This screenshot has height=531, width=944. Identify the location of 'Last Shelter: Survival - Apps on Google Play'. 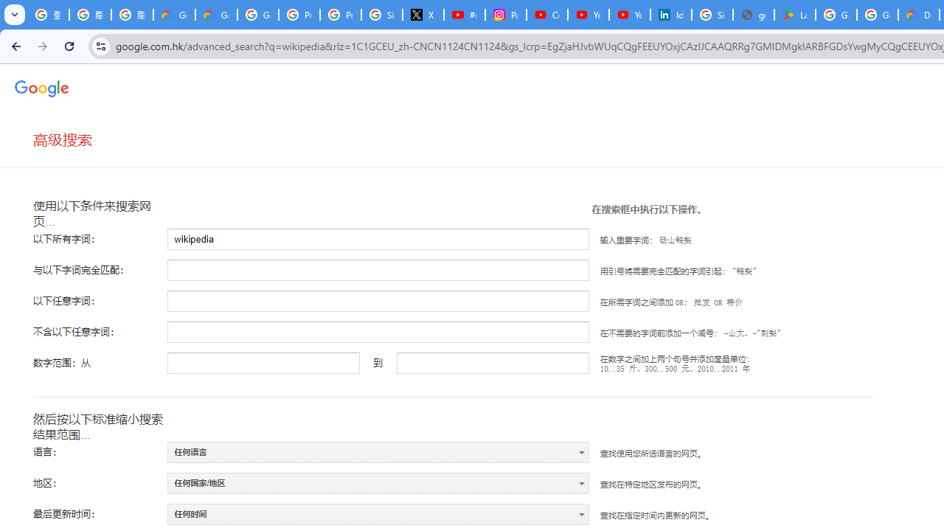
(794, 15).